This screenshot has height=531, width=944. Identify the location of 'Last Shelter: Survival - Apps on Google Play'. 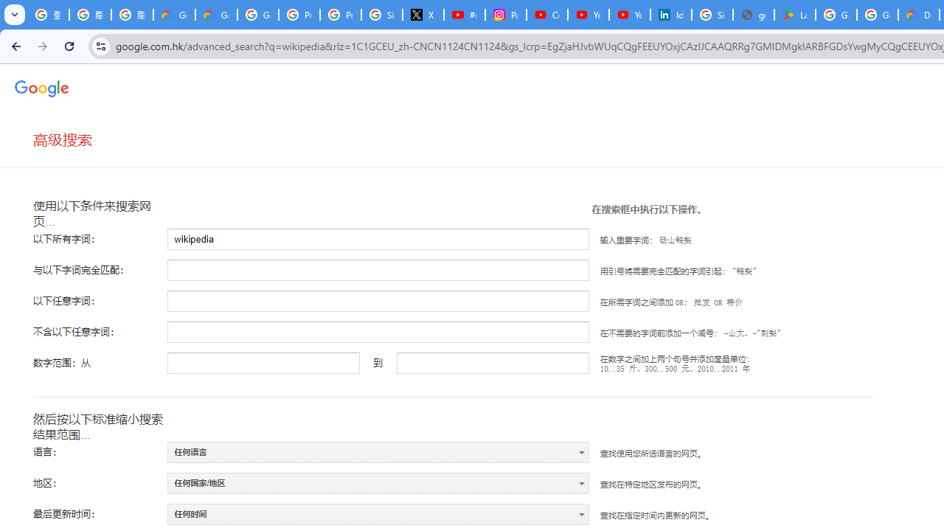
(794, 15).